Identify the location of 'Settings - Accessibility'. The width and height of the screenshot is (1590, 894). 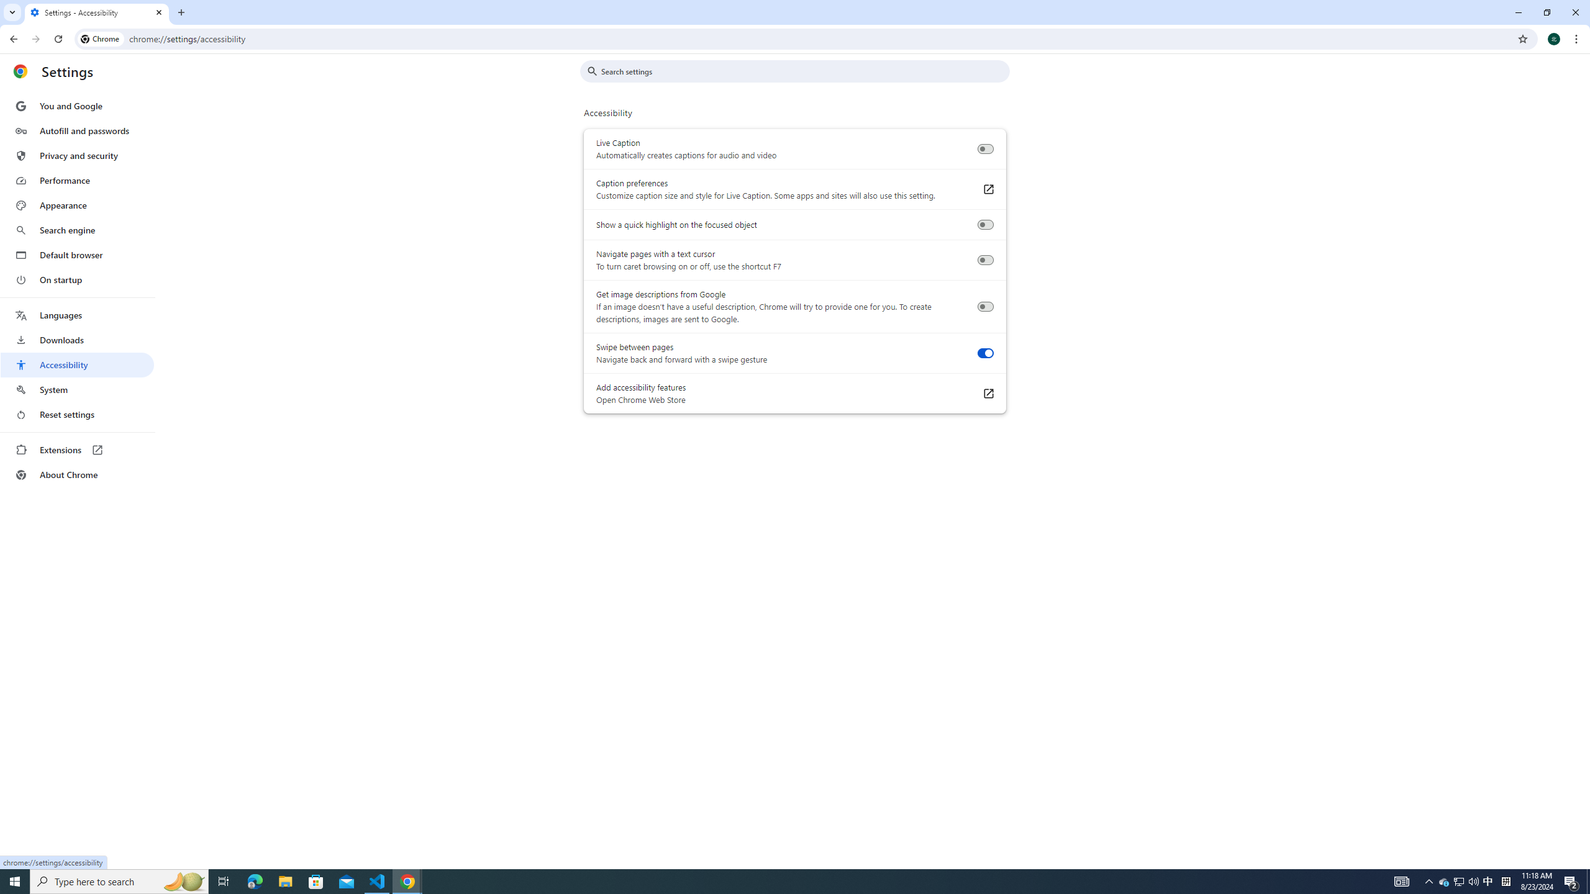
(96, 12).